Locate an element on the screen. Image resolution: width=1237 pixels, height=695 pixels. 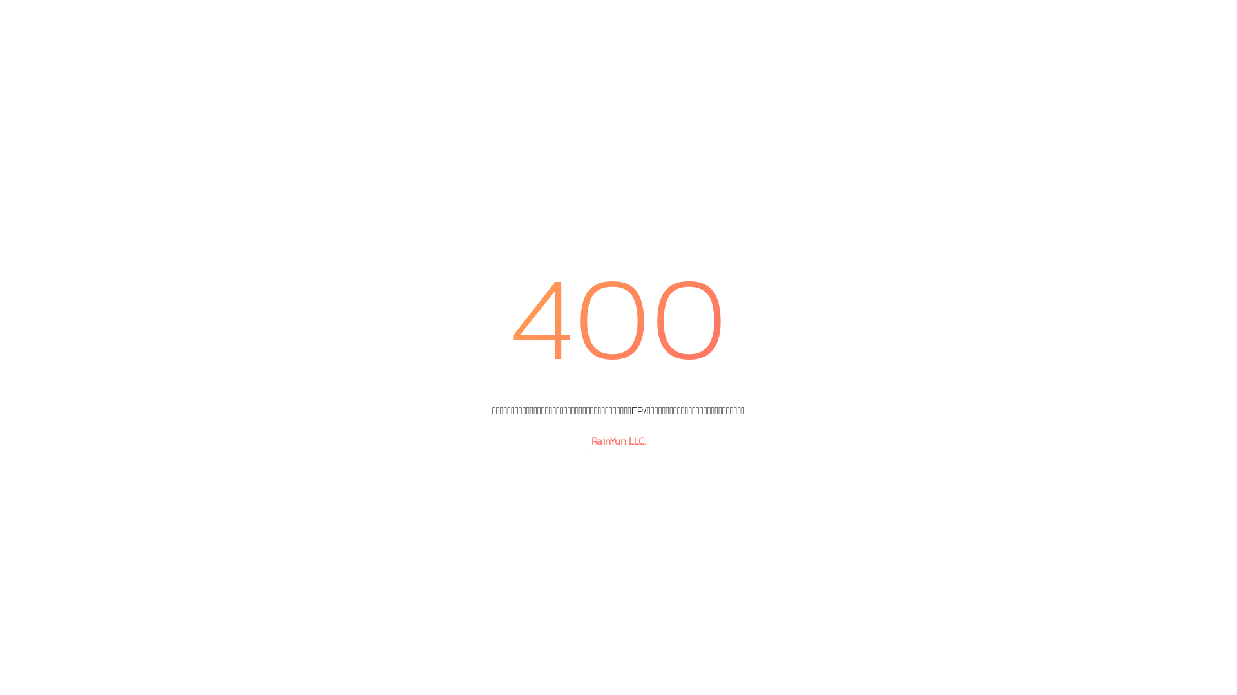
'RainYun LLC.' is located at coordinates (618, 441).